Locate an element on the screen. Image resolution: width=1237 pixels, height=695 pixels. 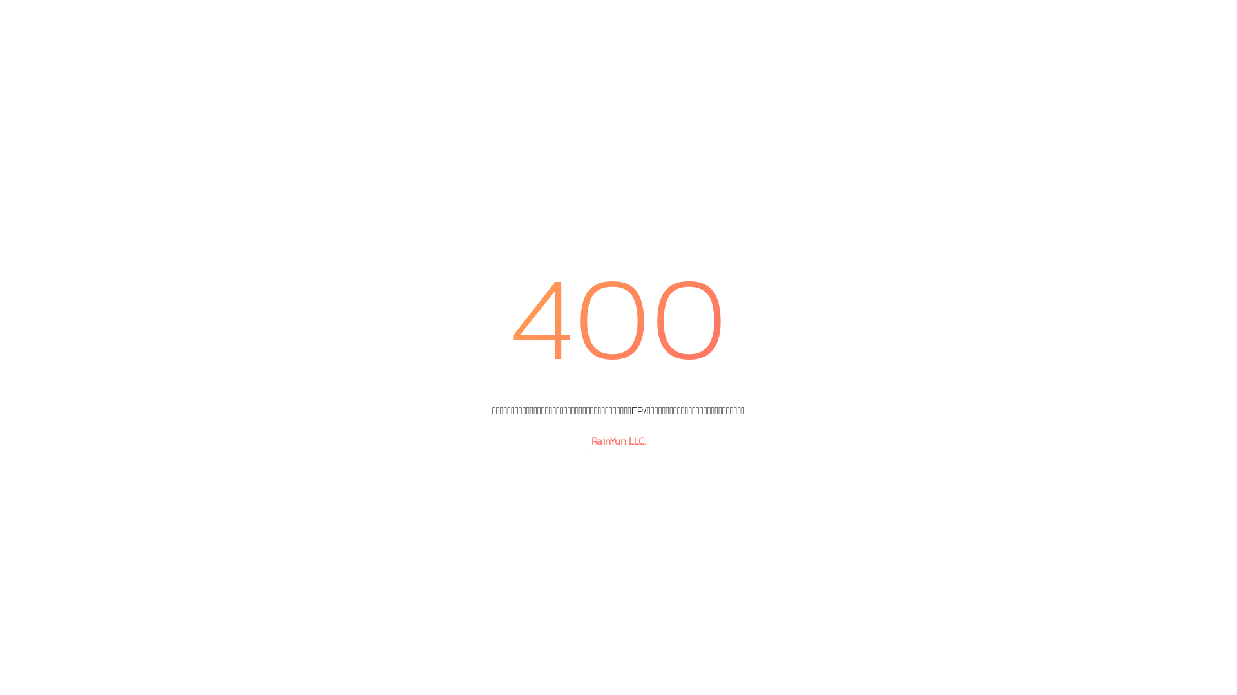
'RainYun LLC.' is located at coordinates (618, 441).